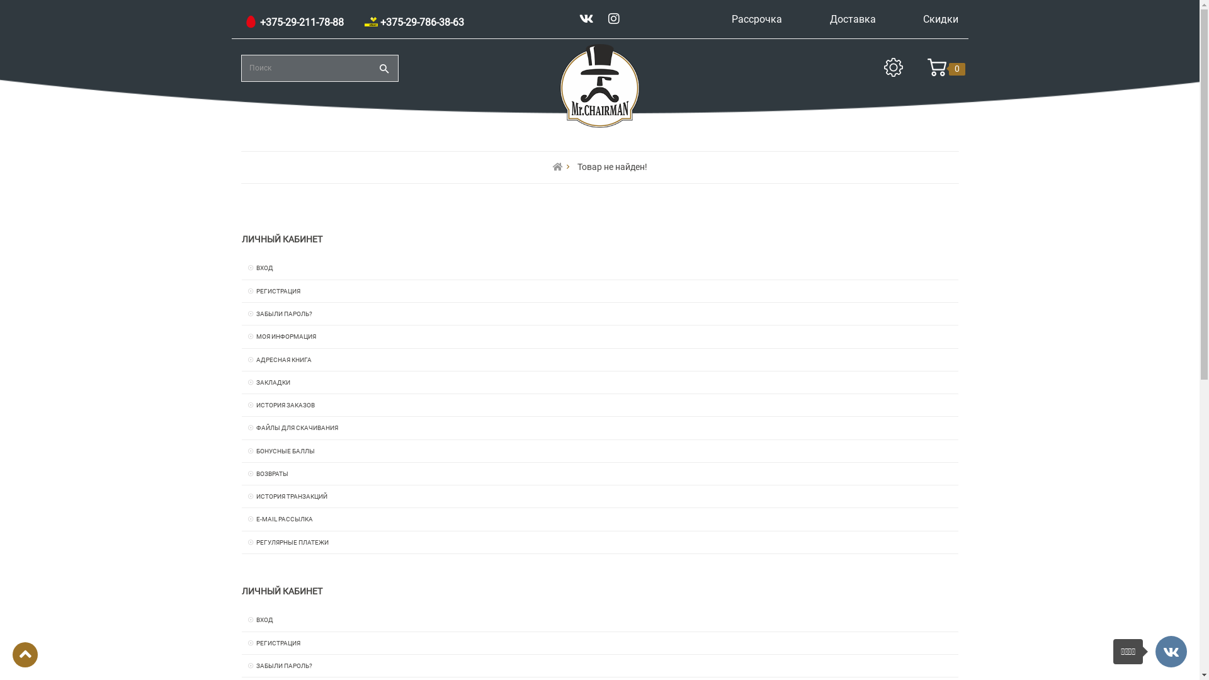  I want to click on '0', so click(936, 69).